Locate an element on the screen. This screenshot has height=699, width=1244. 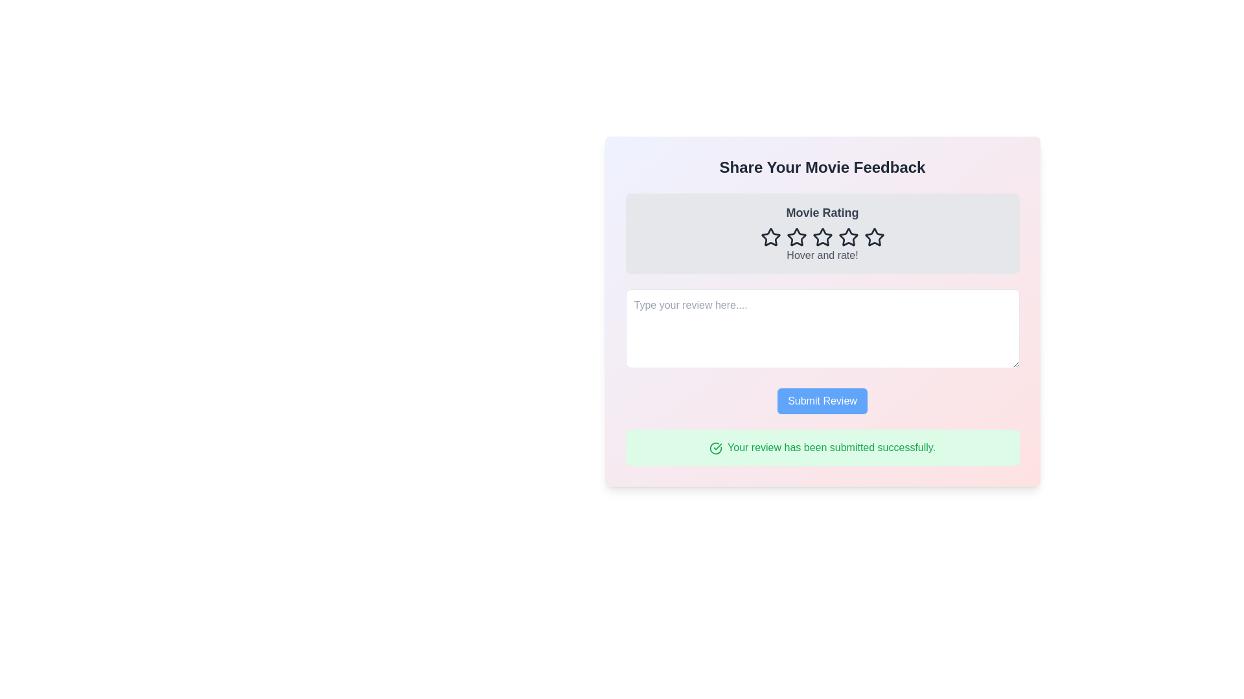
the first unselected rating star icon in the 'Movie Rating' section is located at coordinates (770, 237).